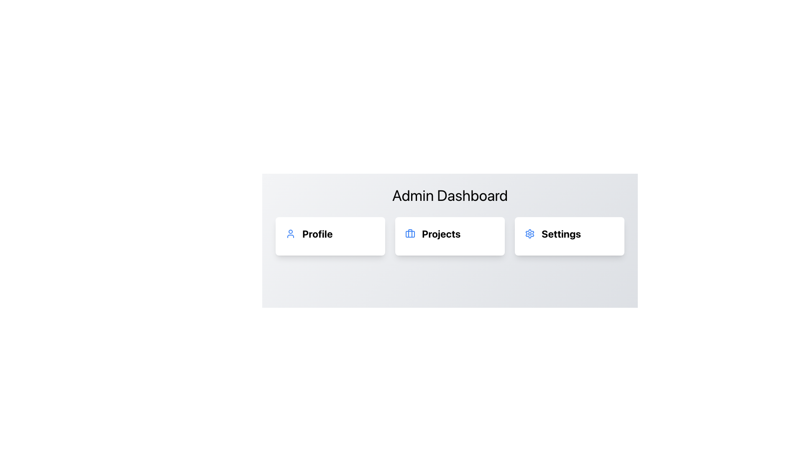 Image resolution: width=803 pixels, height=451 pixels. I want to click on the navigation button located in the top-left white card of the grid layout, below the 'Admin Dashboard' header, so click(330, 233).